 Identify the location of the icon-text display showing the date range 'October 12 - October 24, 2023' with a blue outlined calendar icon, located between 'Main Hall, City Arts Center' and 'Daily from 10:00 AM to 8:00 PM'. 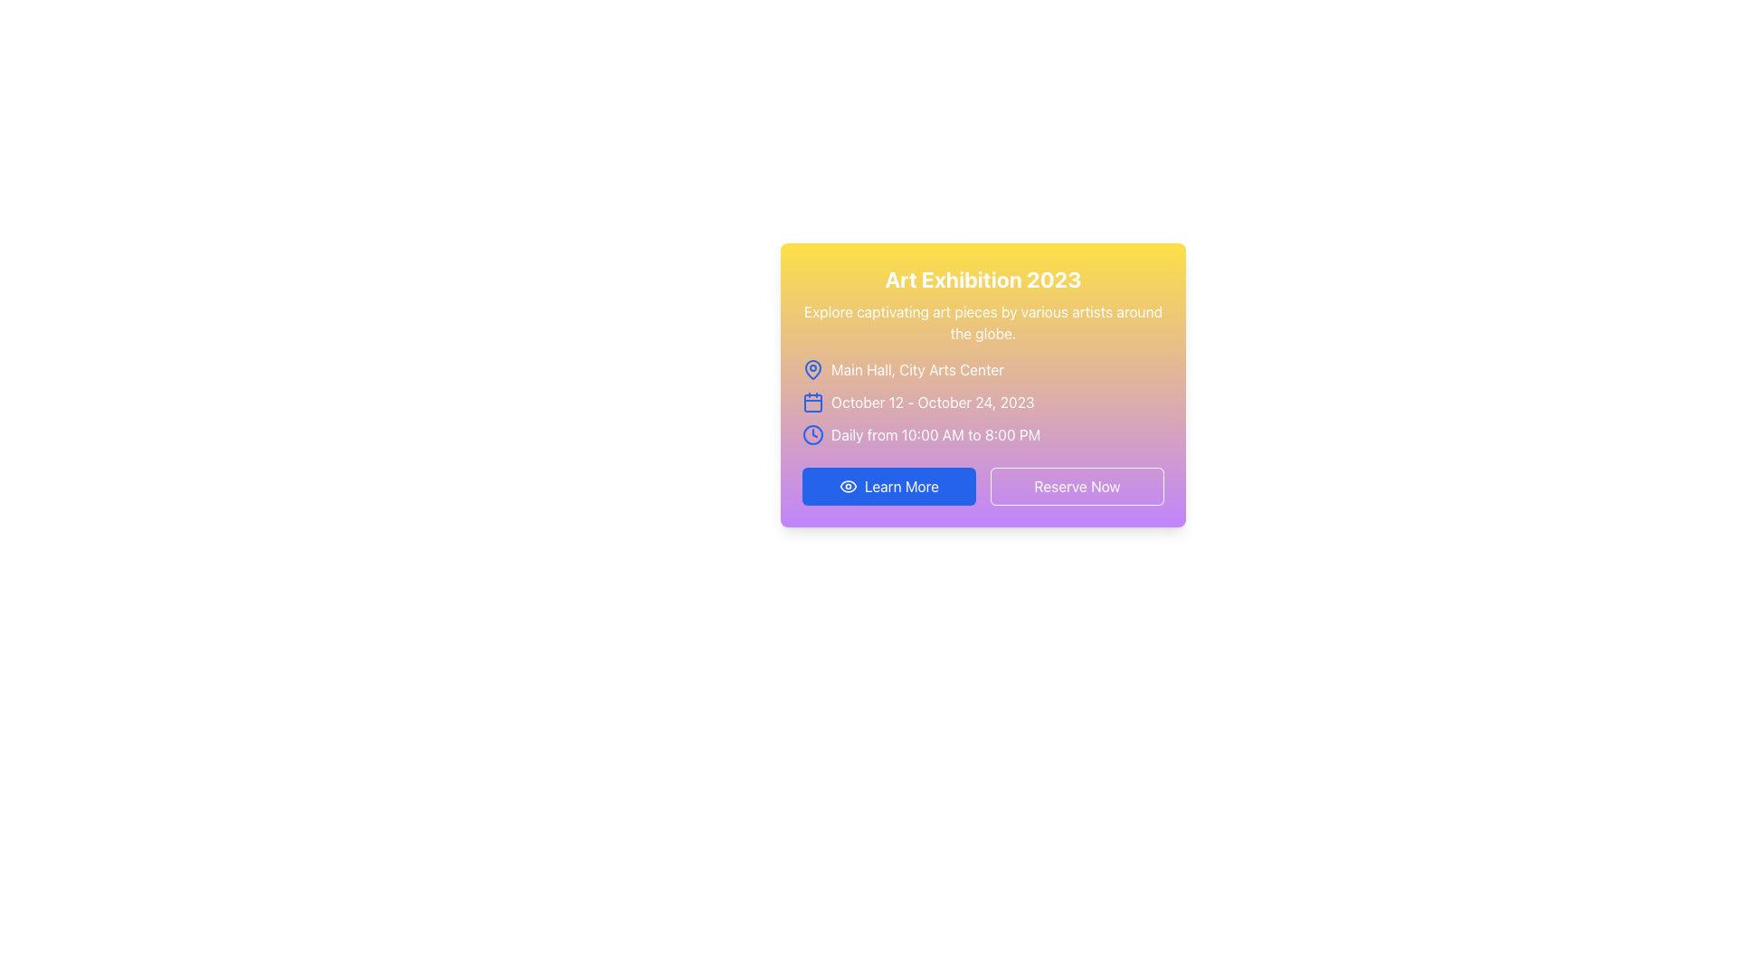
(982, 401).